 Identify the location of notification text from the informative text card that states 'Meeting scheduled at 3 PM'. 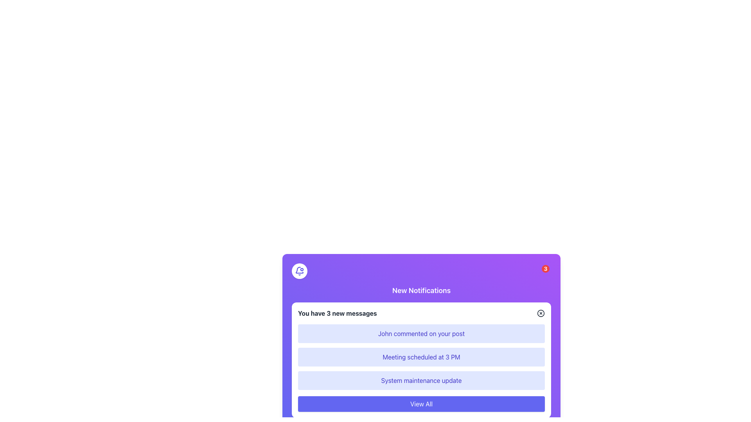
(421, 357).